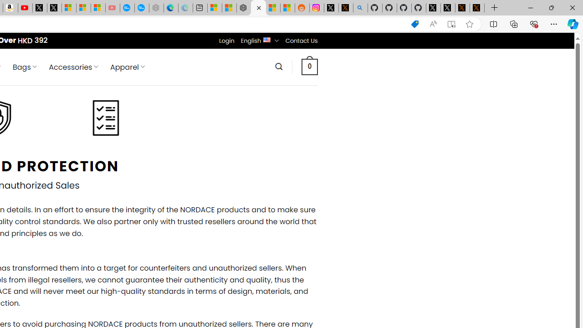  What do you see at coordinates (309, 66) in the screenshot?
I see `' 0 '` at bounding box center [309, 66].